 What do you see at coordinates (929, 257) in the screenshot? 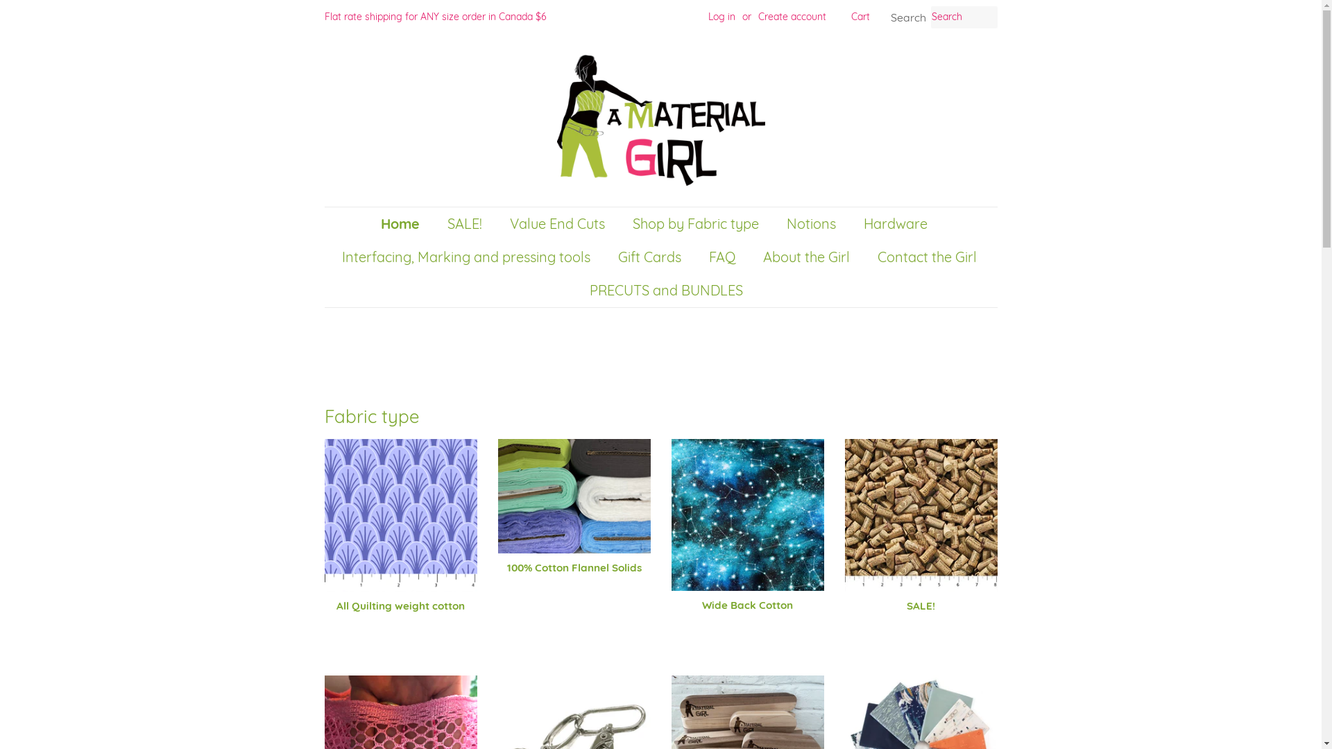
I see `'Contact the Girl'` at bounding box center [929, 257].